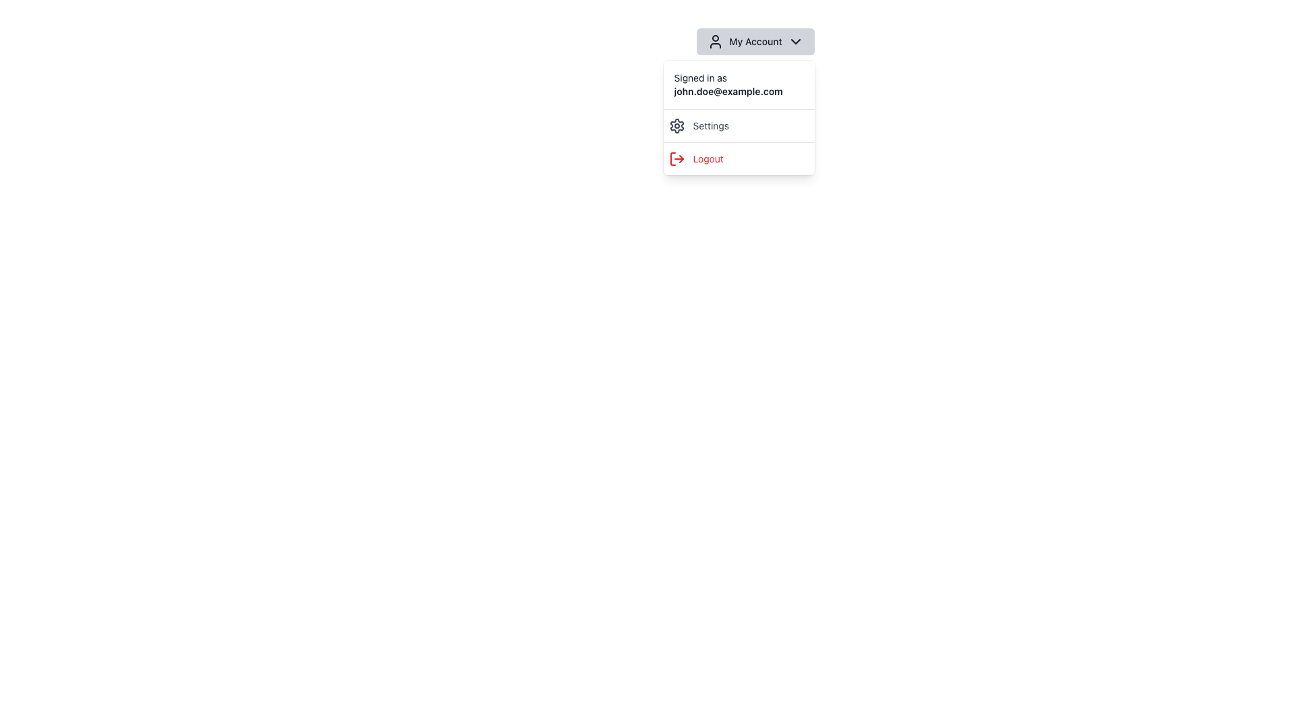 This screenshot has width=1295, height=728. What do you see at coordinates (738, 117) in the screenshot?
I see `the dropdown menu located in the top-right corner of the viewport` at bounding box center [738, 117].